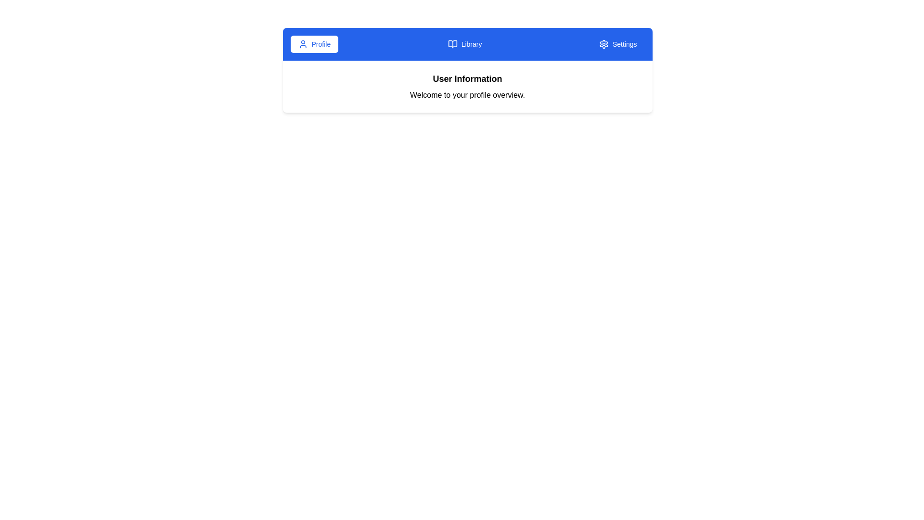 This screenshot has height=520, width=924. What do you see at coordinates (625, 44) in the screenshot?
I see `the 'Settings' text label, which is styled in white text on a blue background, located in the top-right corner of the interface within a blue navigation bar` at bounding box center [625, 44].